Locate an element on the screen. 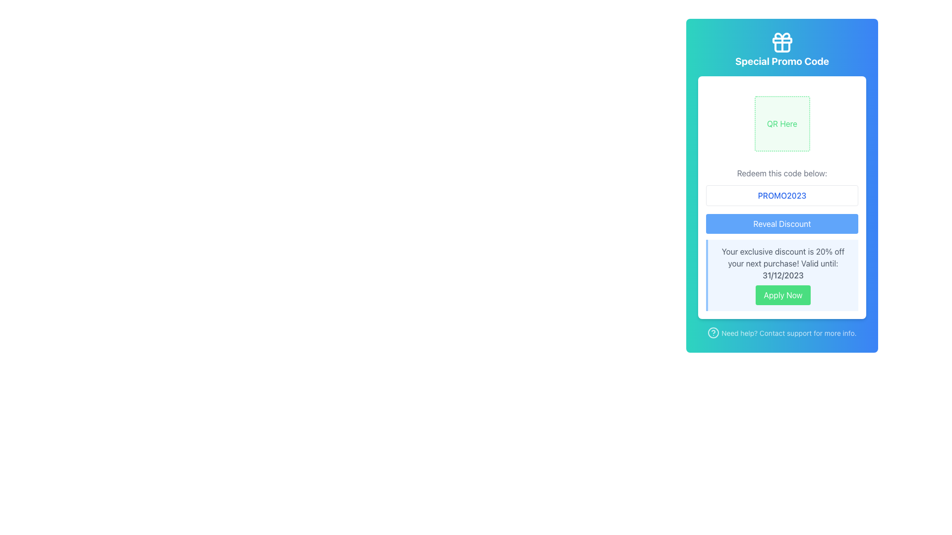 The height and width of the screenshot is (535, 952). the question mark icon styled with a minimalist design, located in the footer section below the text 'Need help? Contact support for more info.' is located at coordinates (713, 332).